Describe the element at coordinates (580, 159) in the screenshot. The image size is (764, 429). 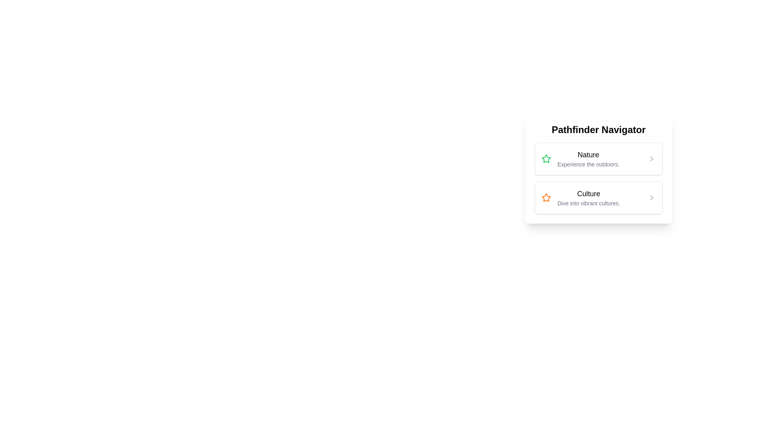
I see `the descriptive item containing the bold black text 'Nature' and the smaller gray text 'Experience the outdoors.' with a green star icon on the left` at that location.